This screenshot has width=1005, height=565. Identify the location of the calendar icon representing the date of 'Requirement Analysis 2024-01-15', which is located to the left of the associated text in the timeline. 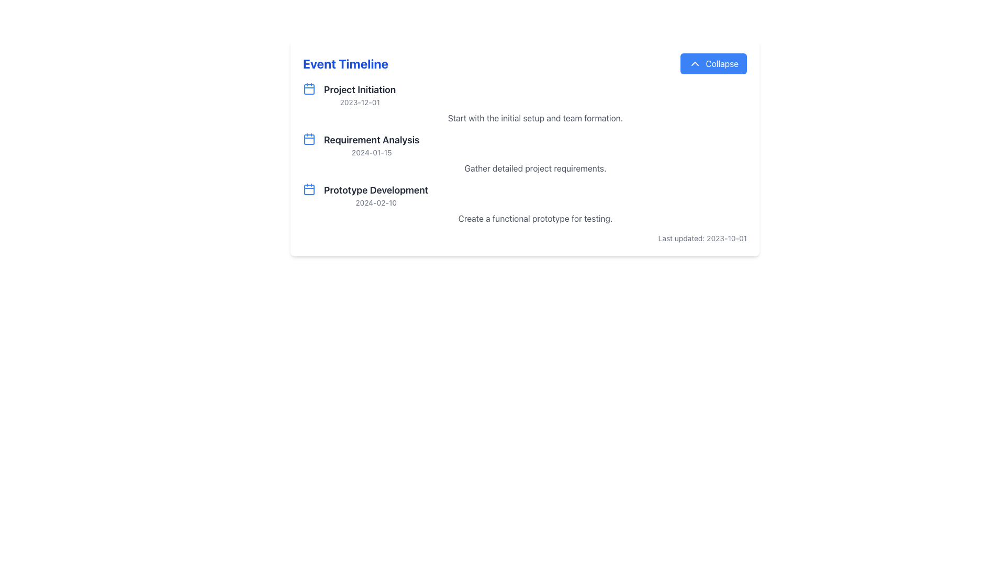
(308, 139).